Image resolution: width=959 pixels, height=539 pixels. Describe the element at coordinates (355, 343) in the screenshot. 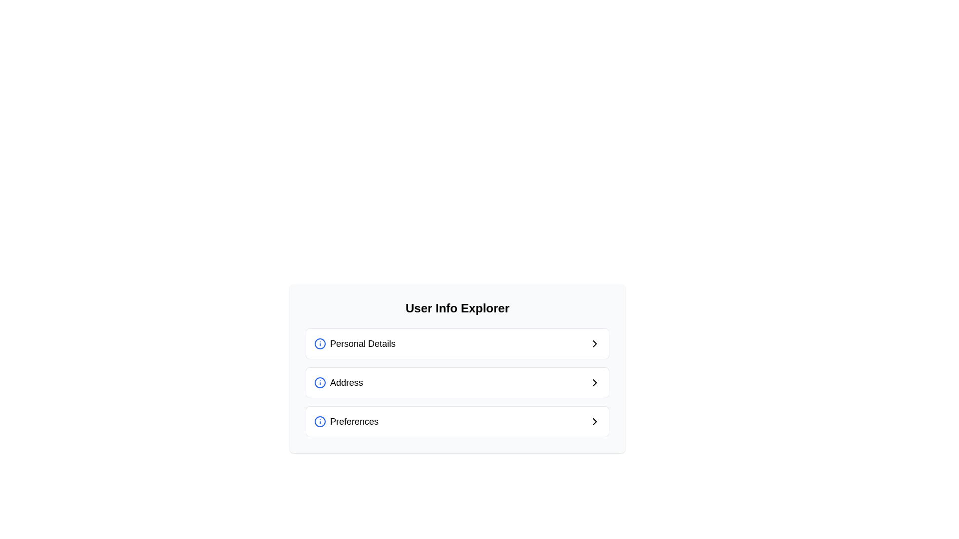

I see `text of the 'Personal Details' label that is styled with bold, medium-large font and is accompanied by an info icon to its left` at that location.